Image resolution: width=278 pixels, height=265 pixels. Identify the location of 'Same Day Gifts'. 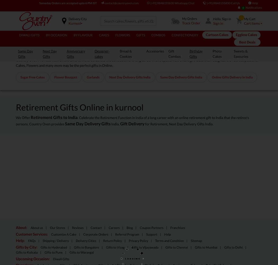
(18, 53).